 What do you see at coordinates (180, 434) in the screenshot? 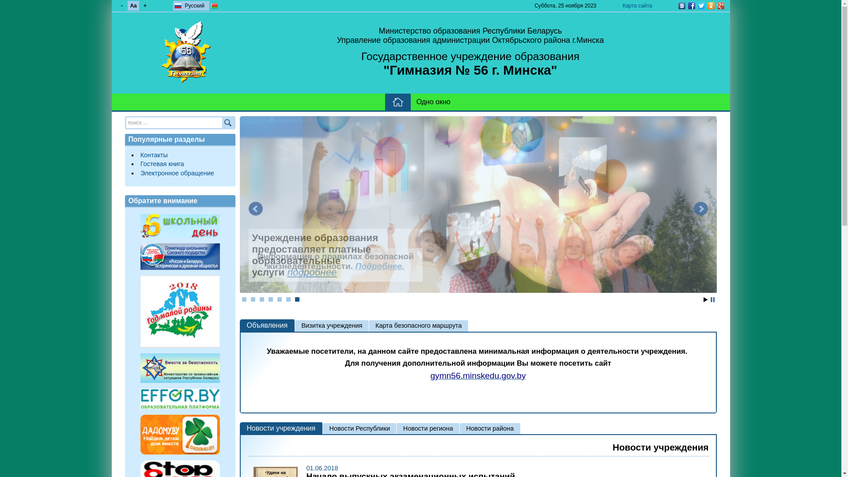
I see `'dadomu.by'` at bounding box center [180, 434].